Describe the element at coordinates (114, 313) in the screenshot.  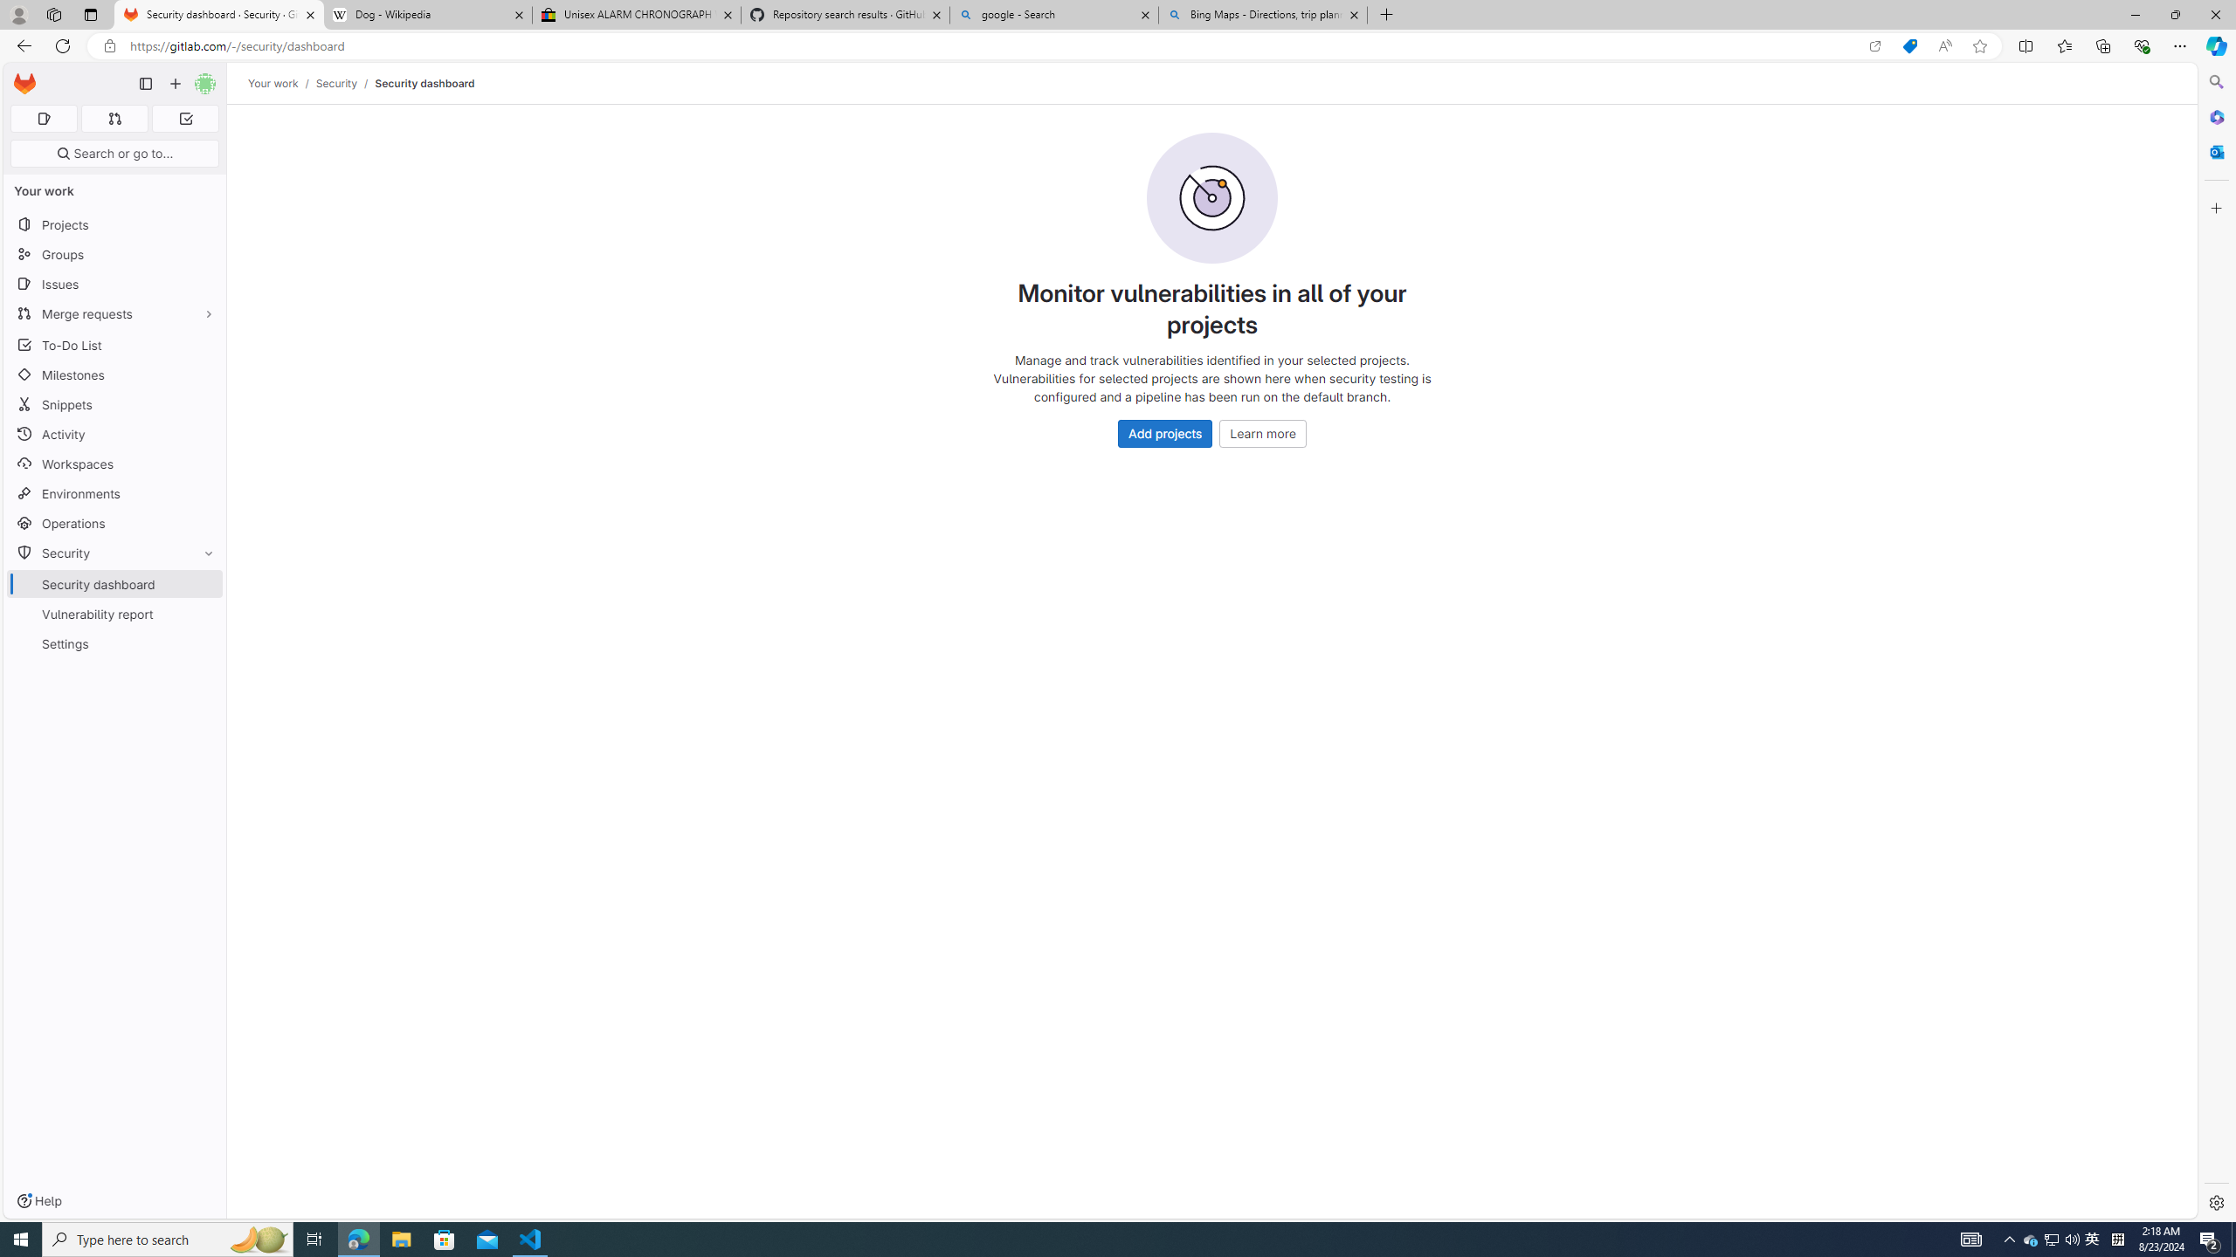
I see `'Merge requests'` at that location.